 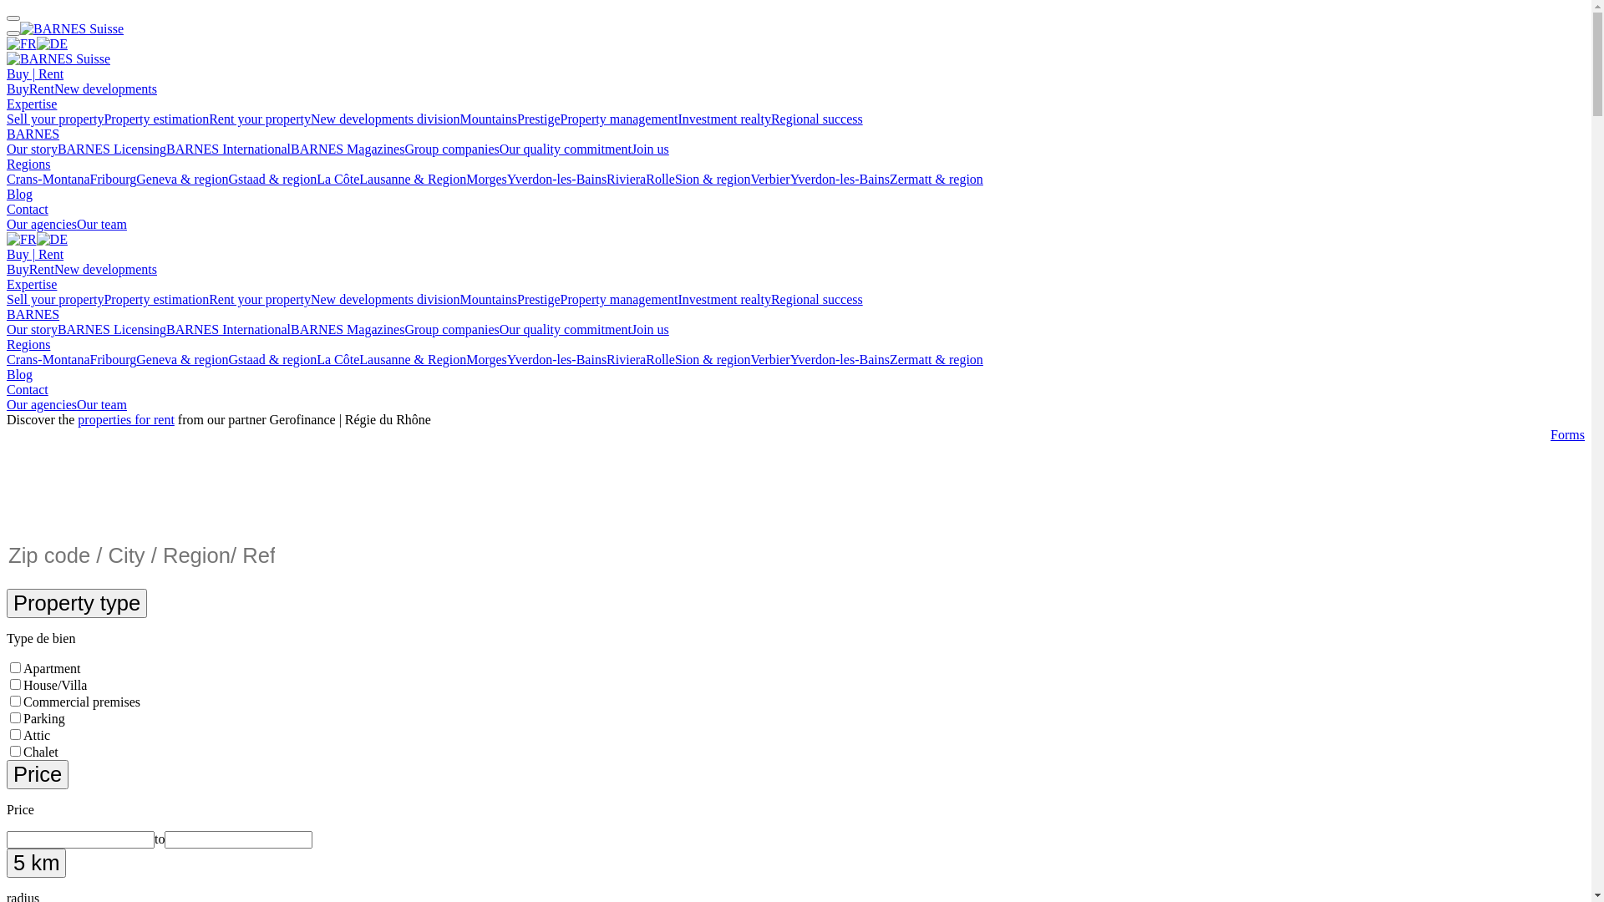 I want to click on 'Buy | Rent', so click(x=7, y=73).